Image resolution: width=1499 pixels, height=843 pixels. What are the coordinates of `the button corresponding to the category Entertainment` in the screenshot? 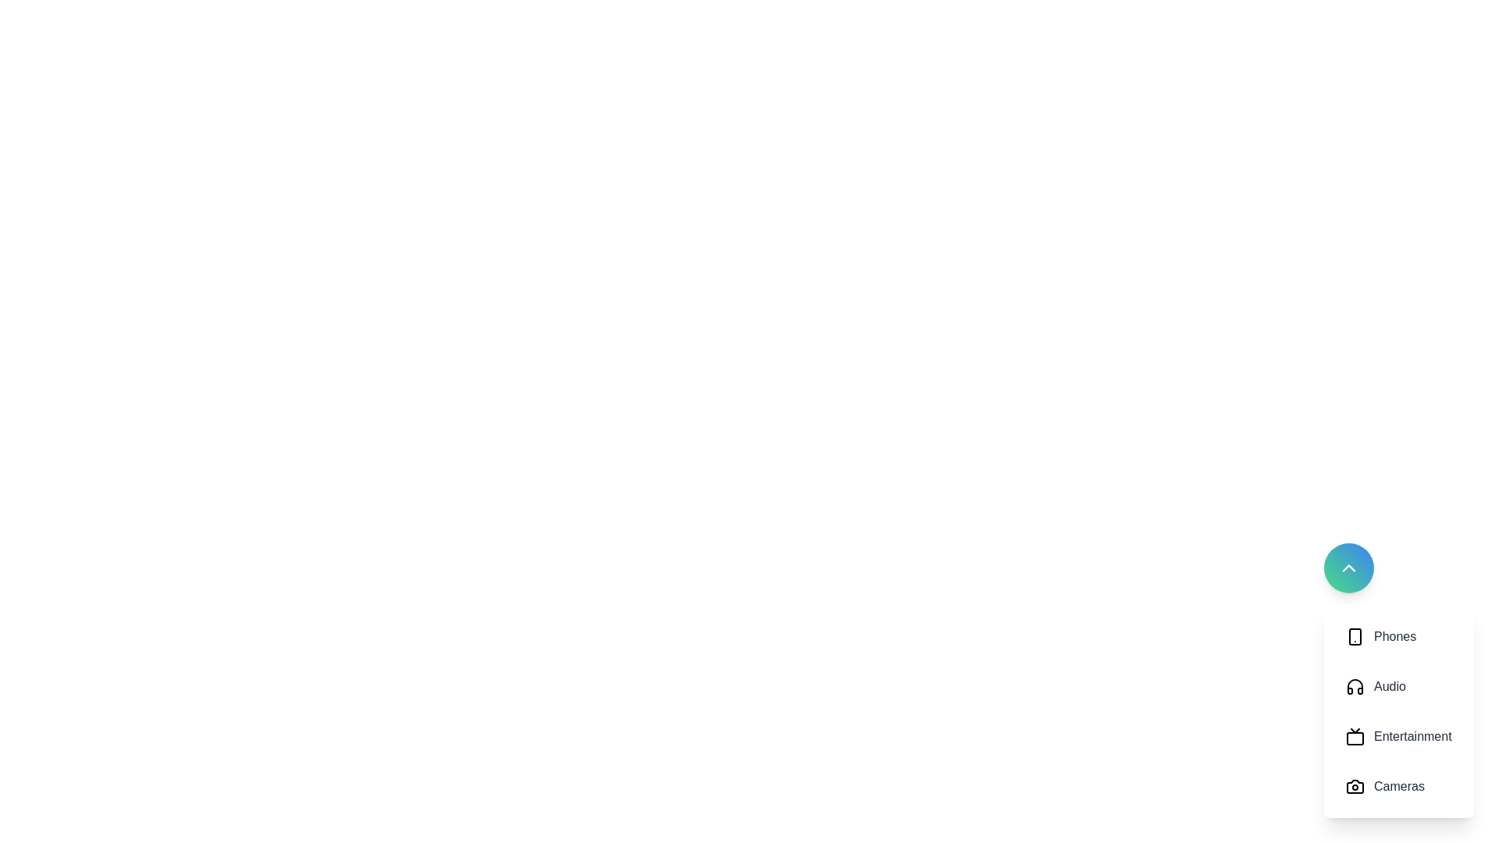 It's located at (1398, 737).